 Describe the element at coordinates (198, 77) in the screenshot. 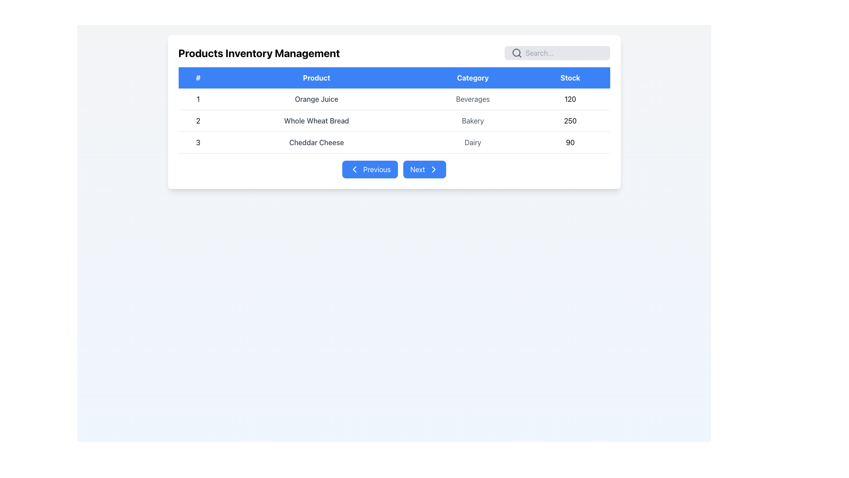

I see `the table header cell that indicates row numbers or unique identifiers for each entry, located at the top-left corner of the table` at that location.